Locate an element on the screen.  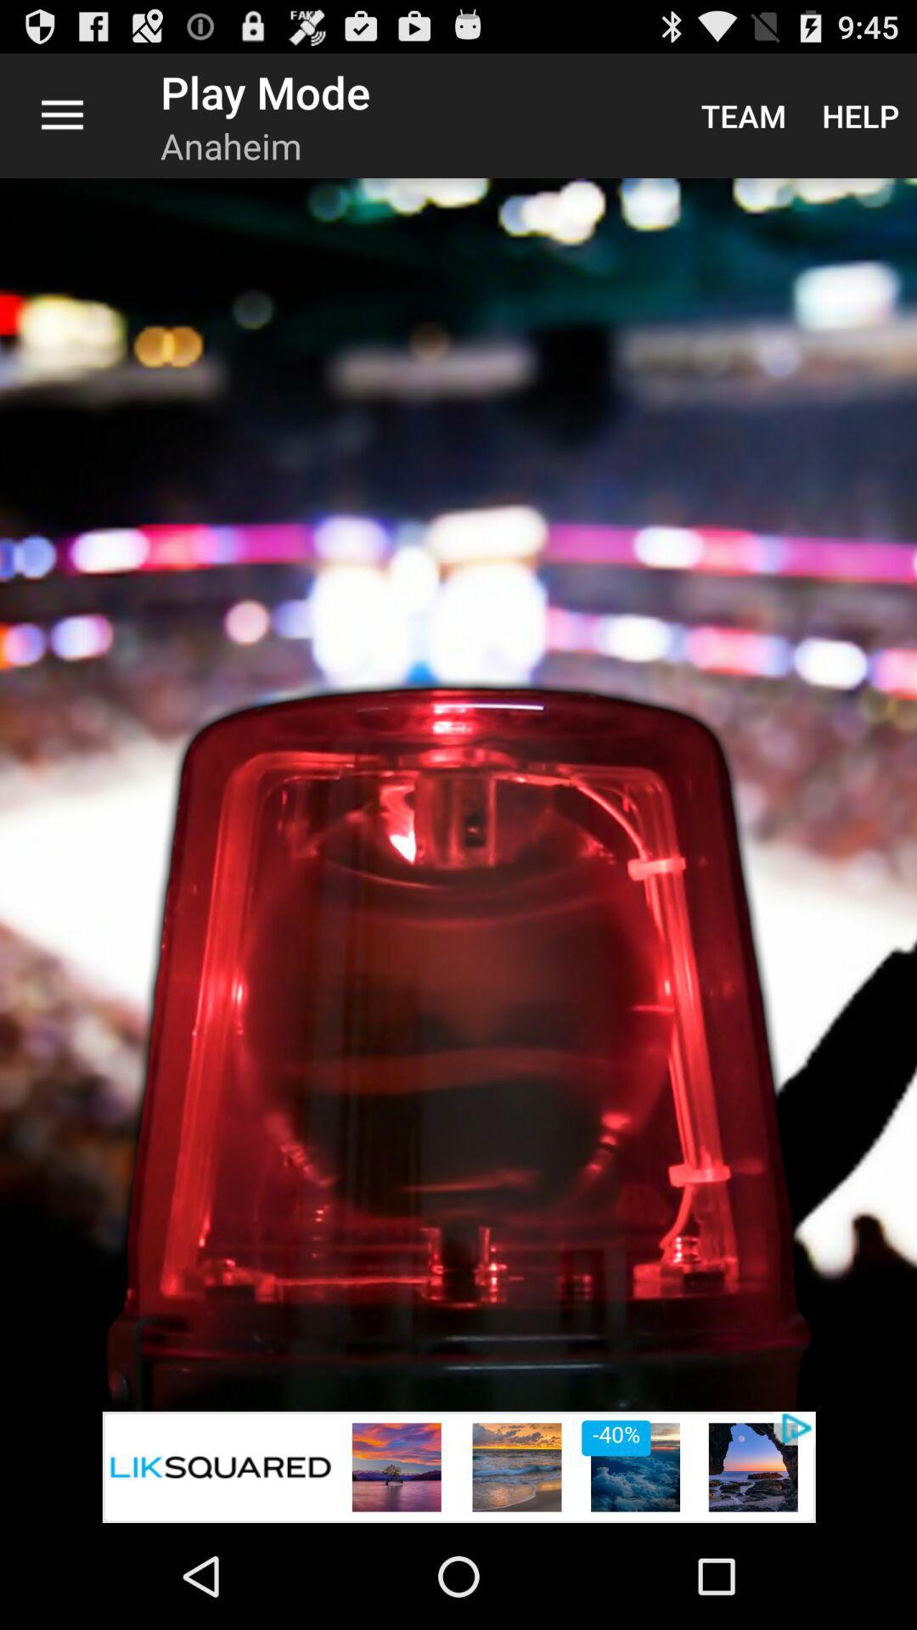
the icon to the right of play mode icon is located at coordinates (742, 115).